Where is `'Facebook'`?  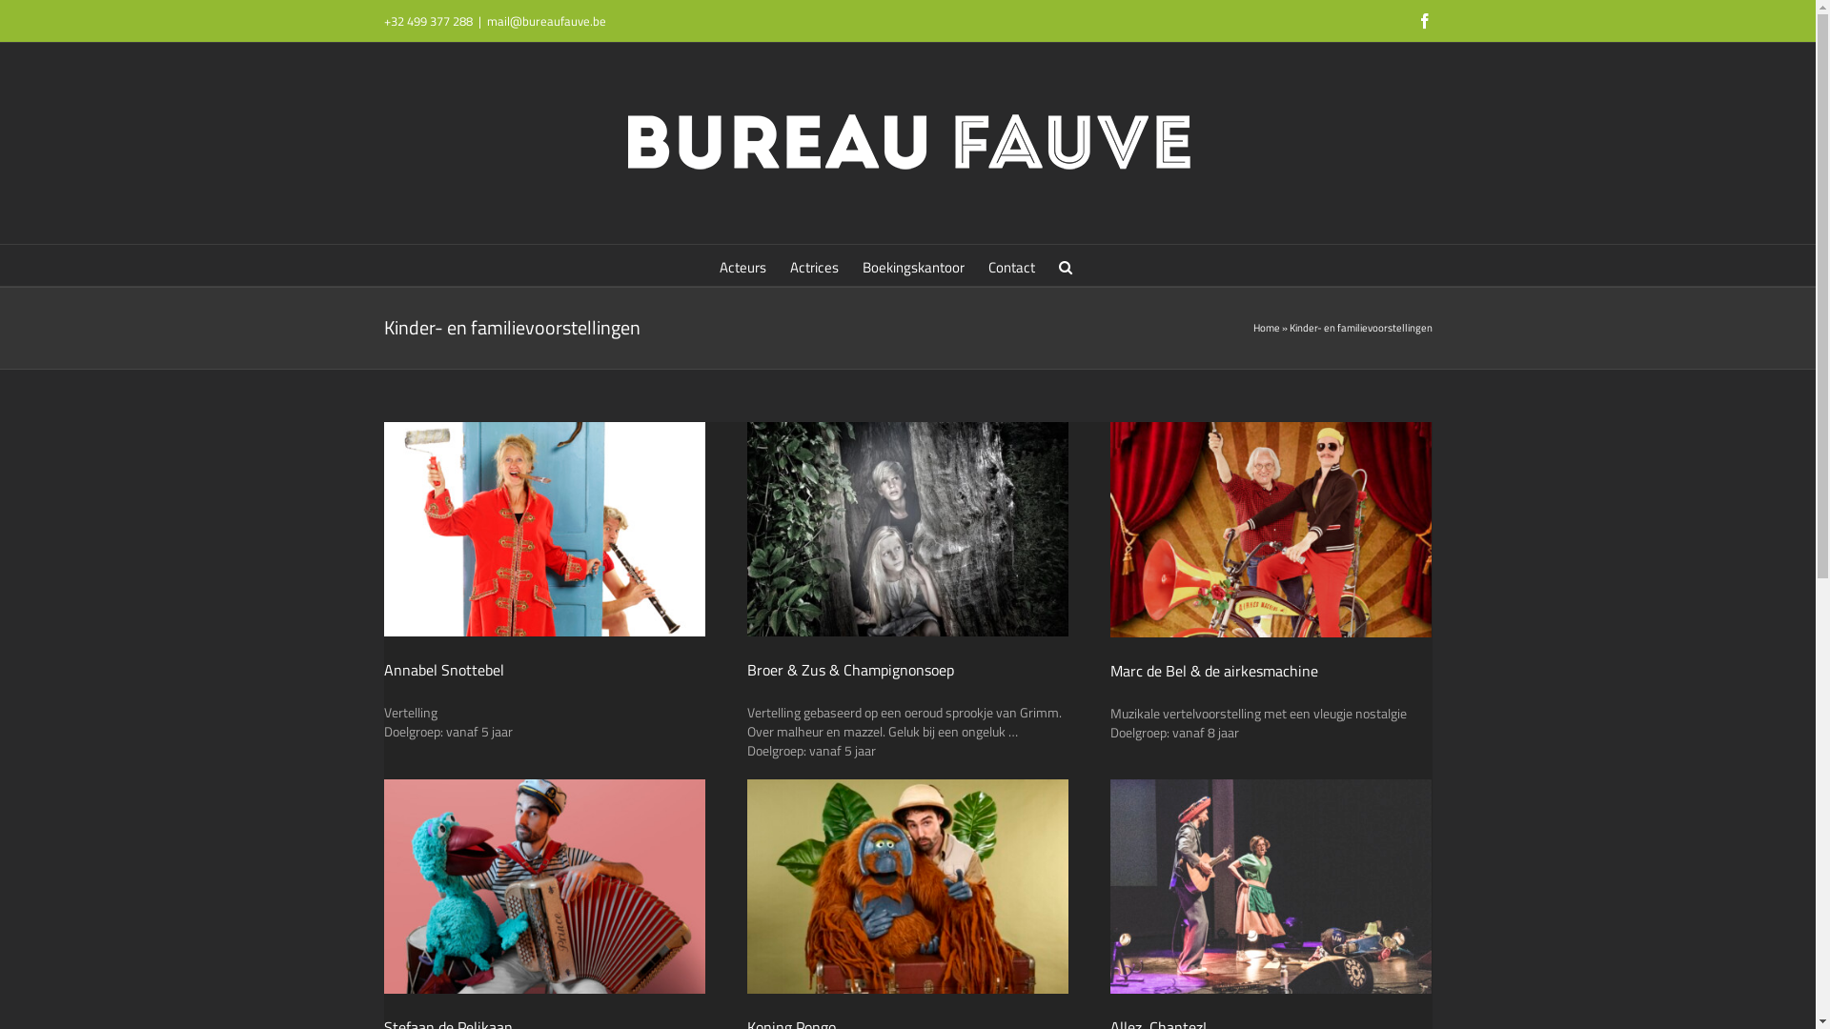 'Facebook' is located at coordinates (1423, 21).